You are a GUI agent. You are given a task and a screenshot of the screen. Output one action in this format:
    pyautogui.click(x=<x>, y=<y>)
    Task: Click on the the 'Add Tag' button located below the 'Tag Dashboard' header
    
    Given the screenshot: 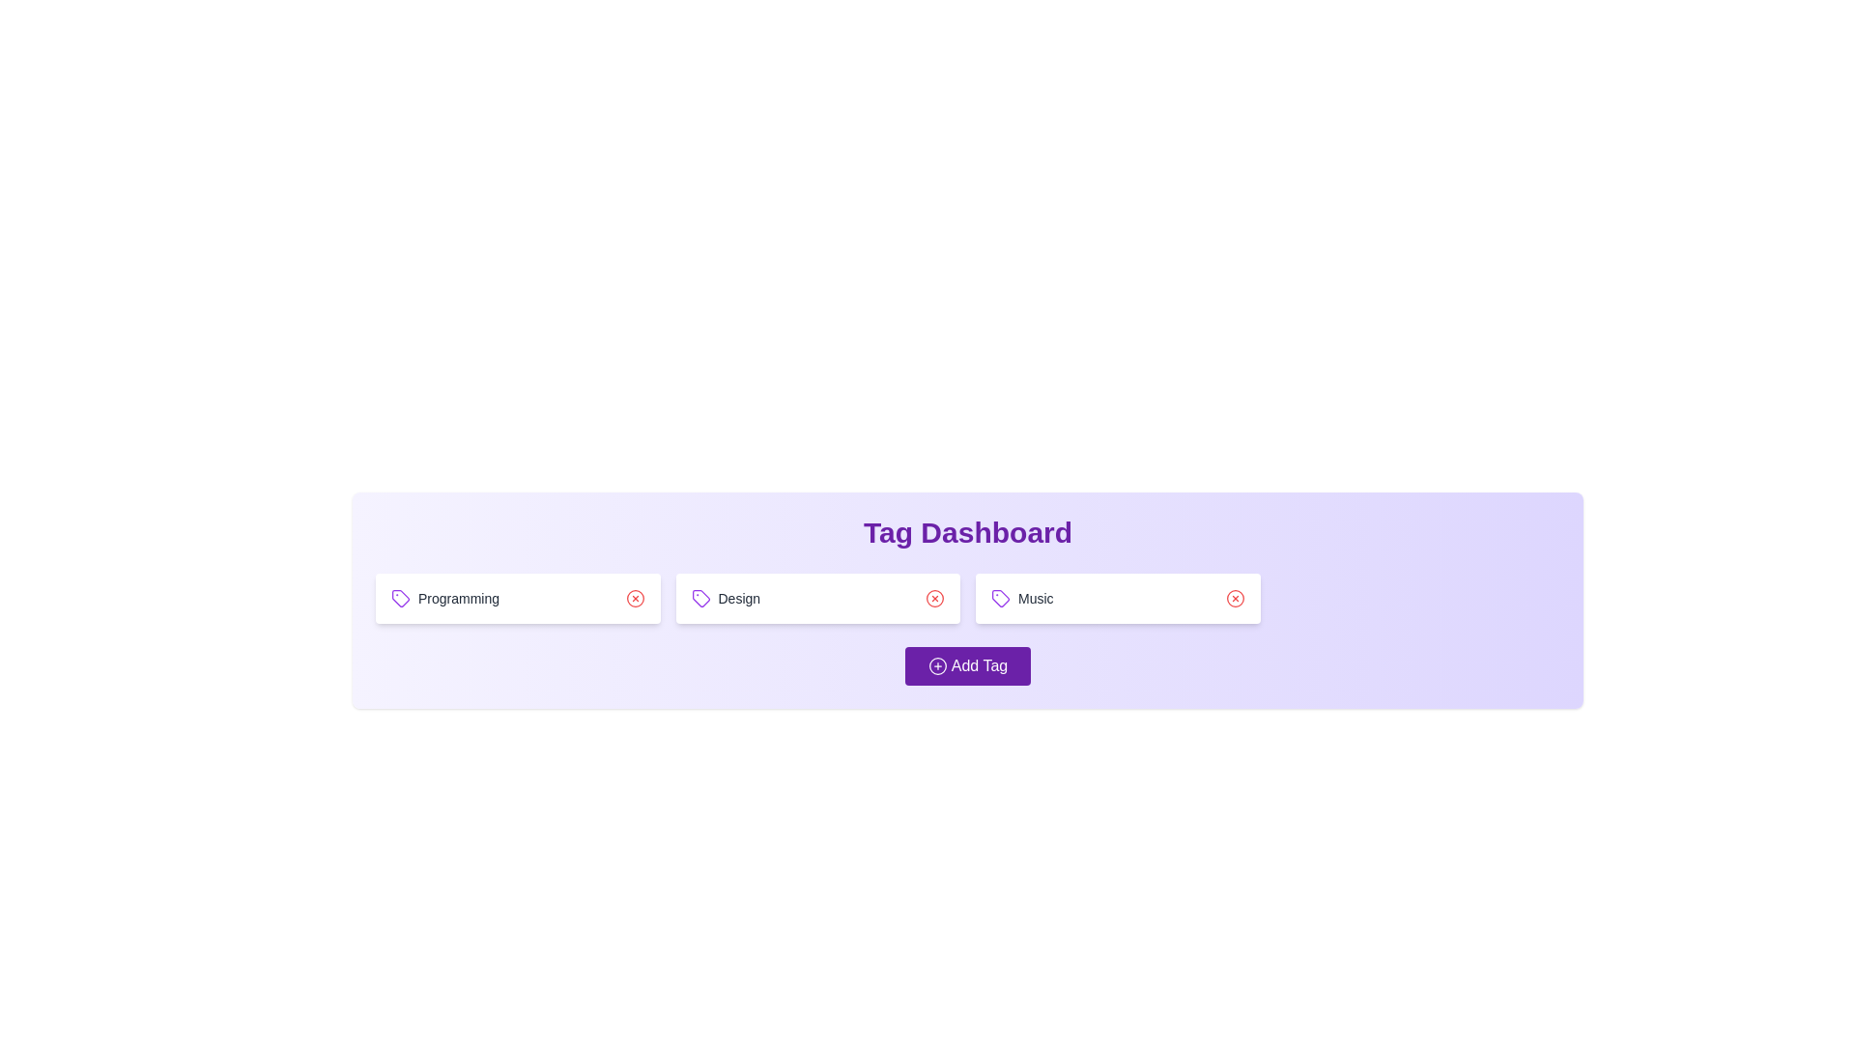 What is the action you would take?
    pyautogui.click(x=968, y=665)
    